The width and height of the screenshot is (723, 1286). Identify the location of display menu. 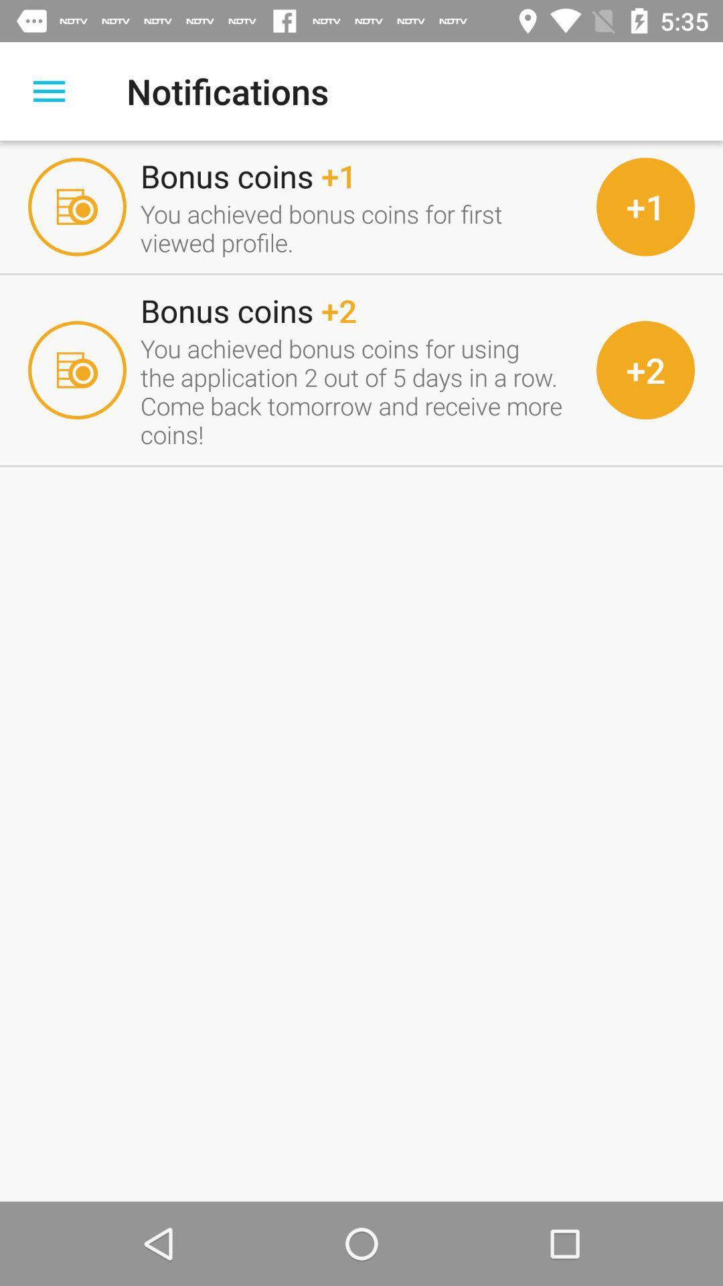
(48, 90).